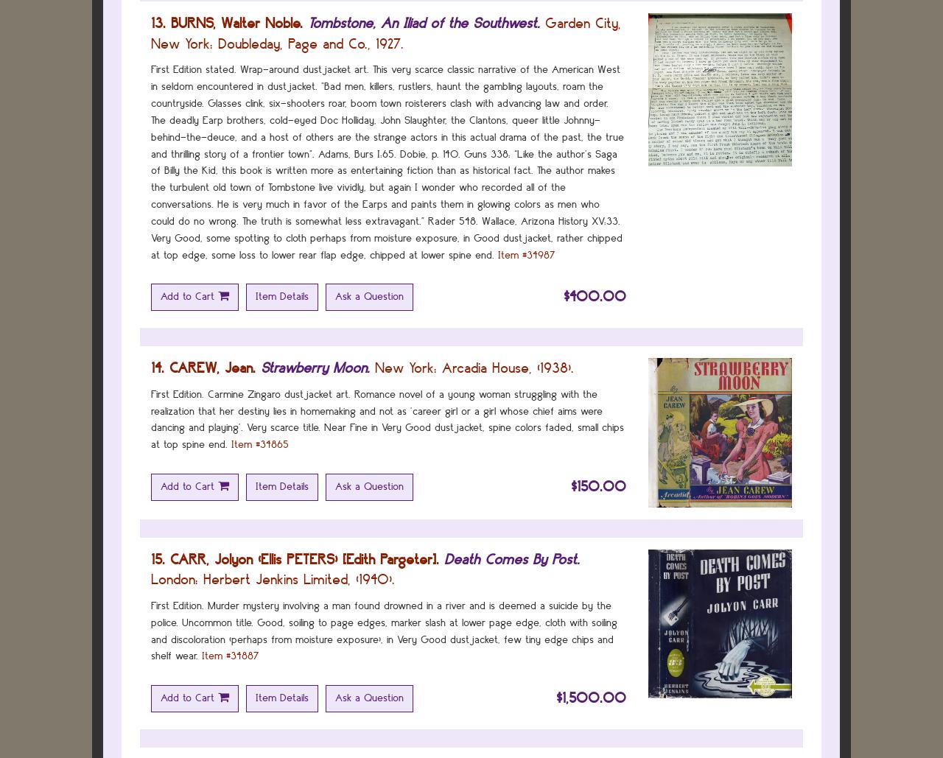  Describe the element at coordinates (527, 254) in the screenshot. I see `'Item #34987'` at that location.